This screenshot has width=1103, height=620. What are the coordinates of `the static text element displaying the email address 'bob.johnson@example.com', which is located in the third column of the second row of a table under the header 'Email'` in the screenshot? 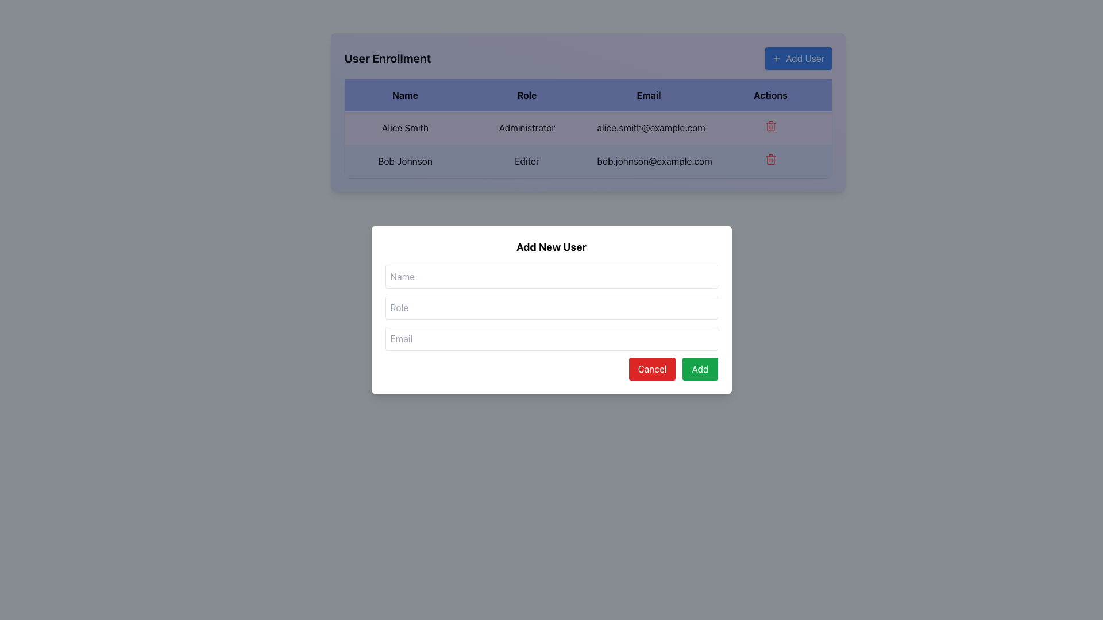 It's located at (649, 161).